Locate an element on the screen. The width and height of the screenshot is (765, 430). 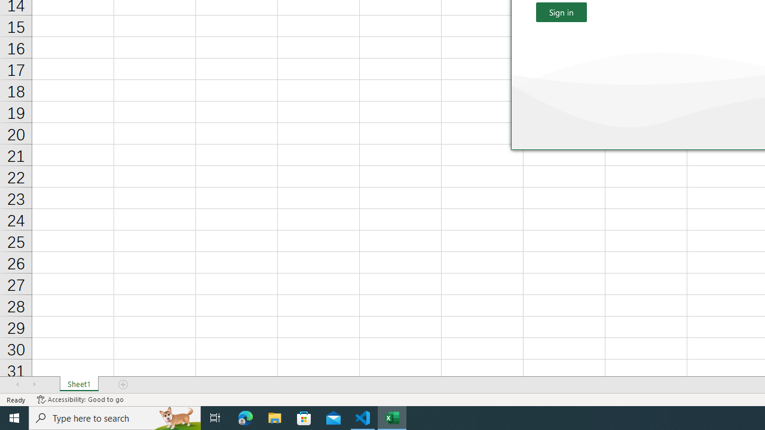
'Microsoft Store' is located at coordinates (304, 417).